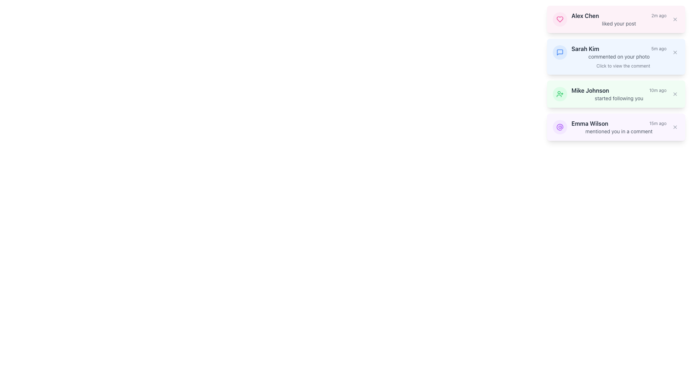  I want to click on the 'X' icon button located on the right side of Sarah Kim's comment notification, so click(675, 52).